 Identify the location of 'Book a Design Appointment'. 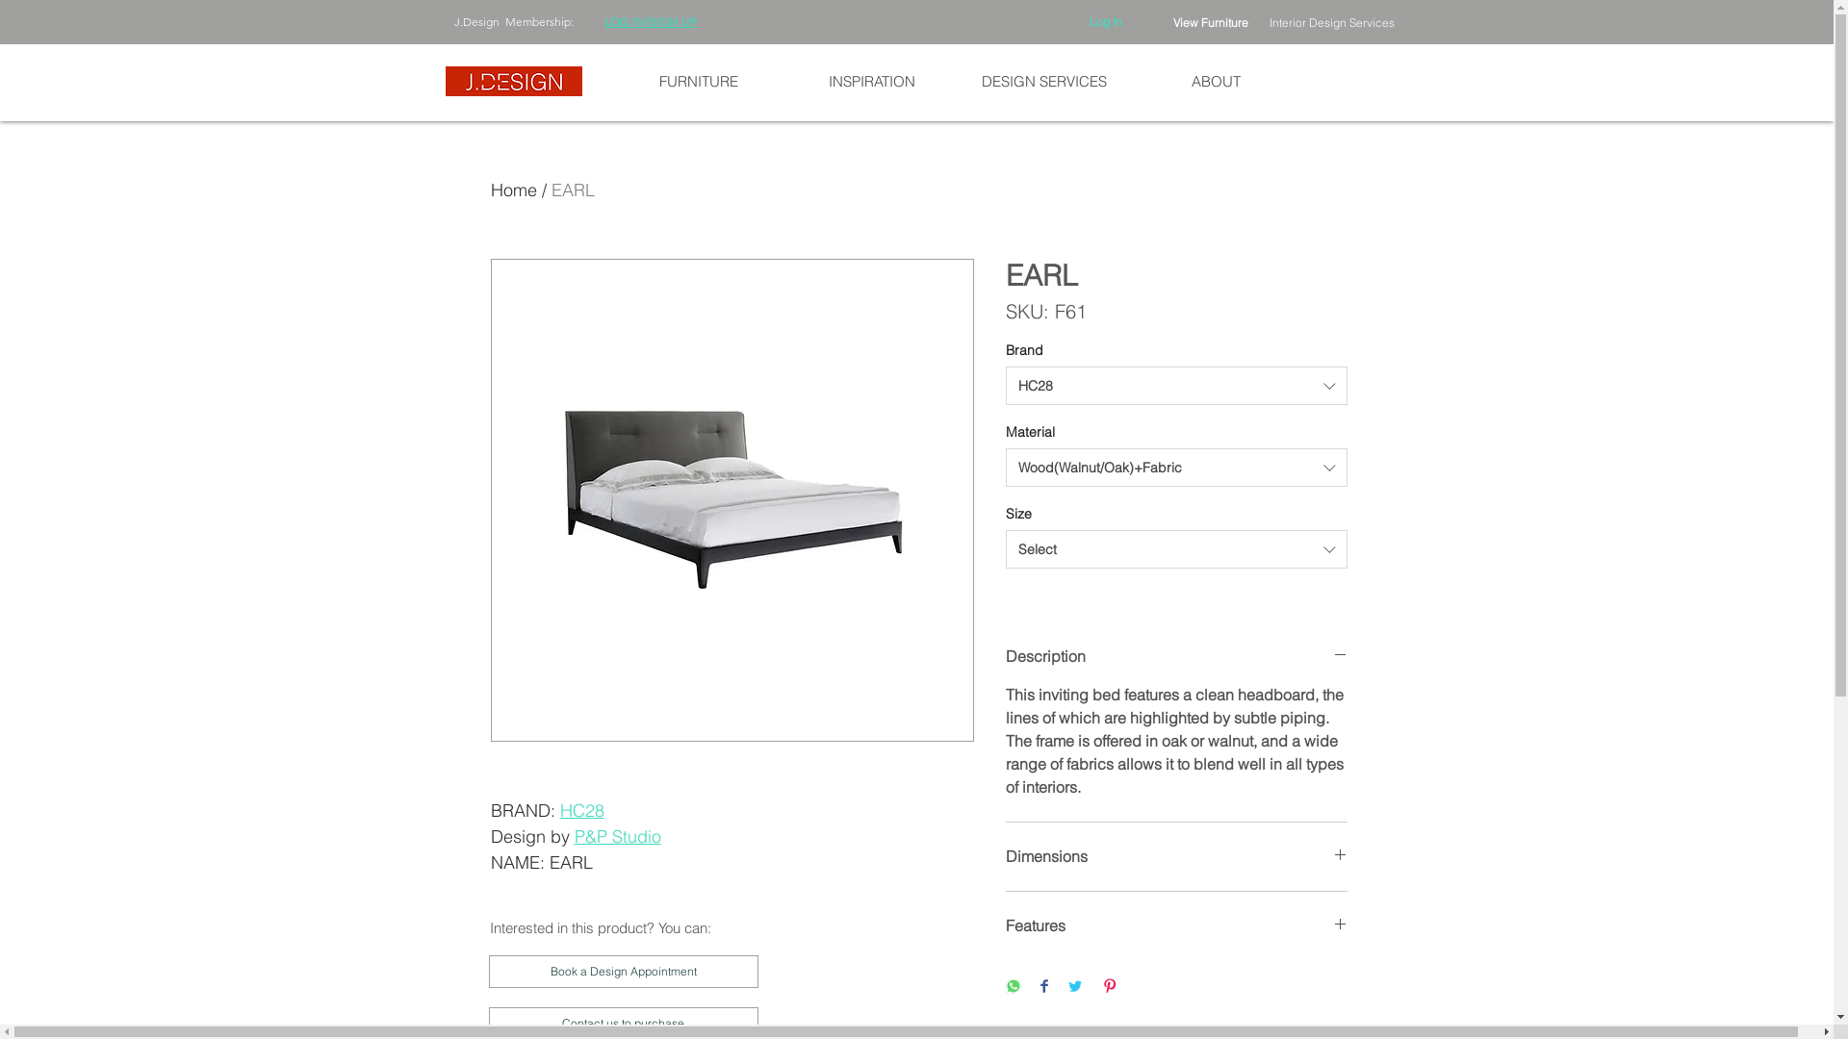
(624, 972).